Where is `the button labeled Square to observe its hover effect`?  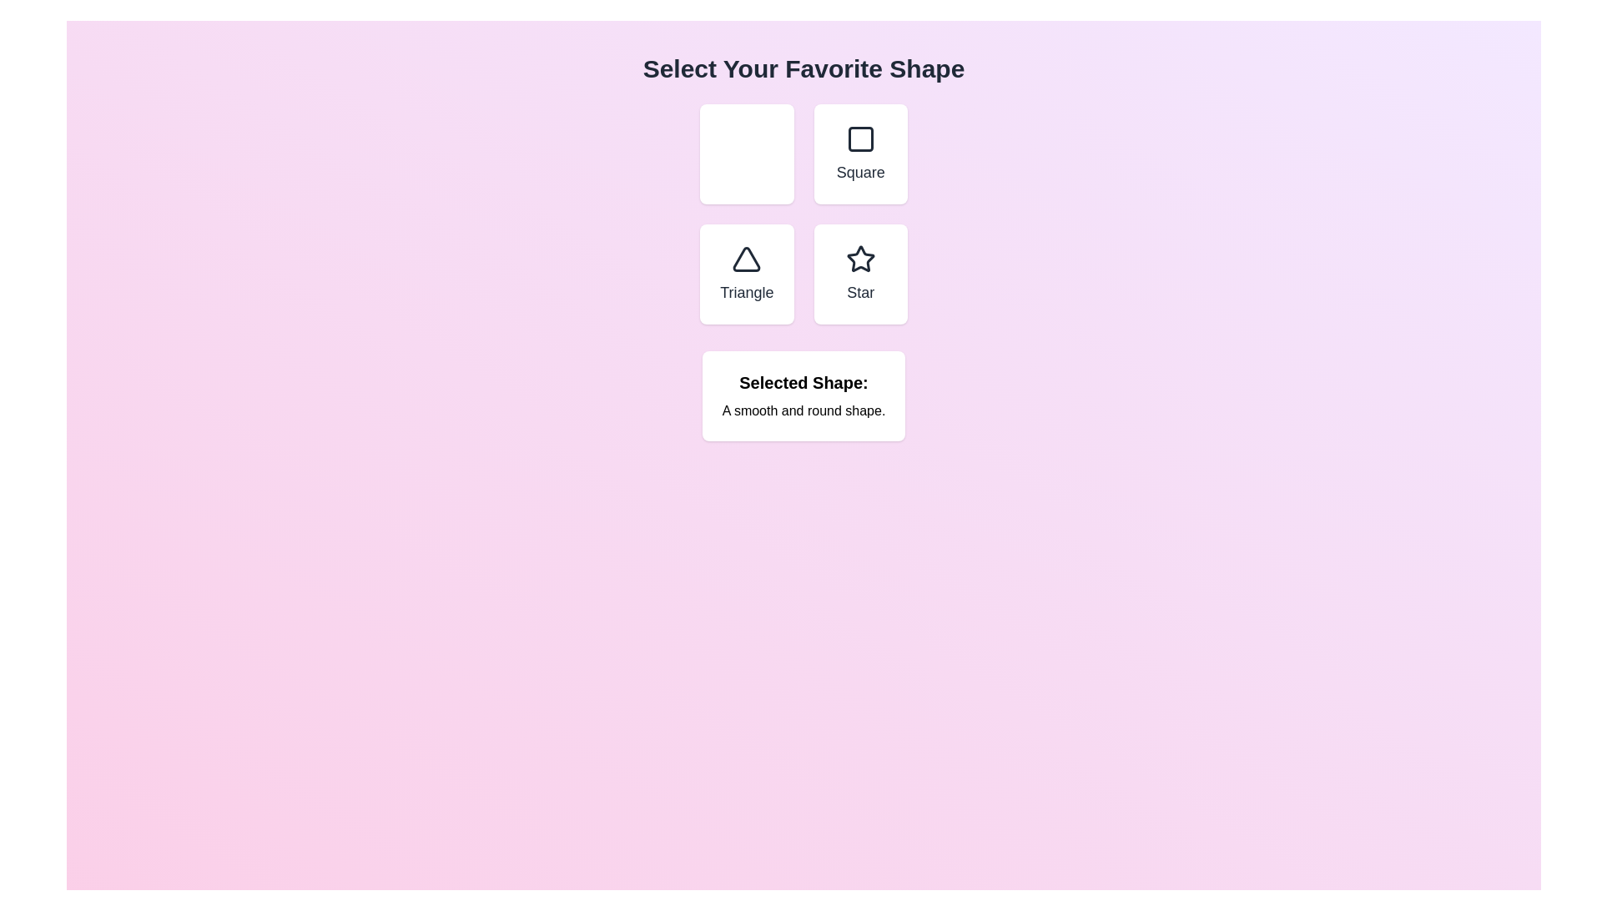 the button labeled Square to observe its hover effect is located at coordinates (860, 154).